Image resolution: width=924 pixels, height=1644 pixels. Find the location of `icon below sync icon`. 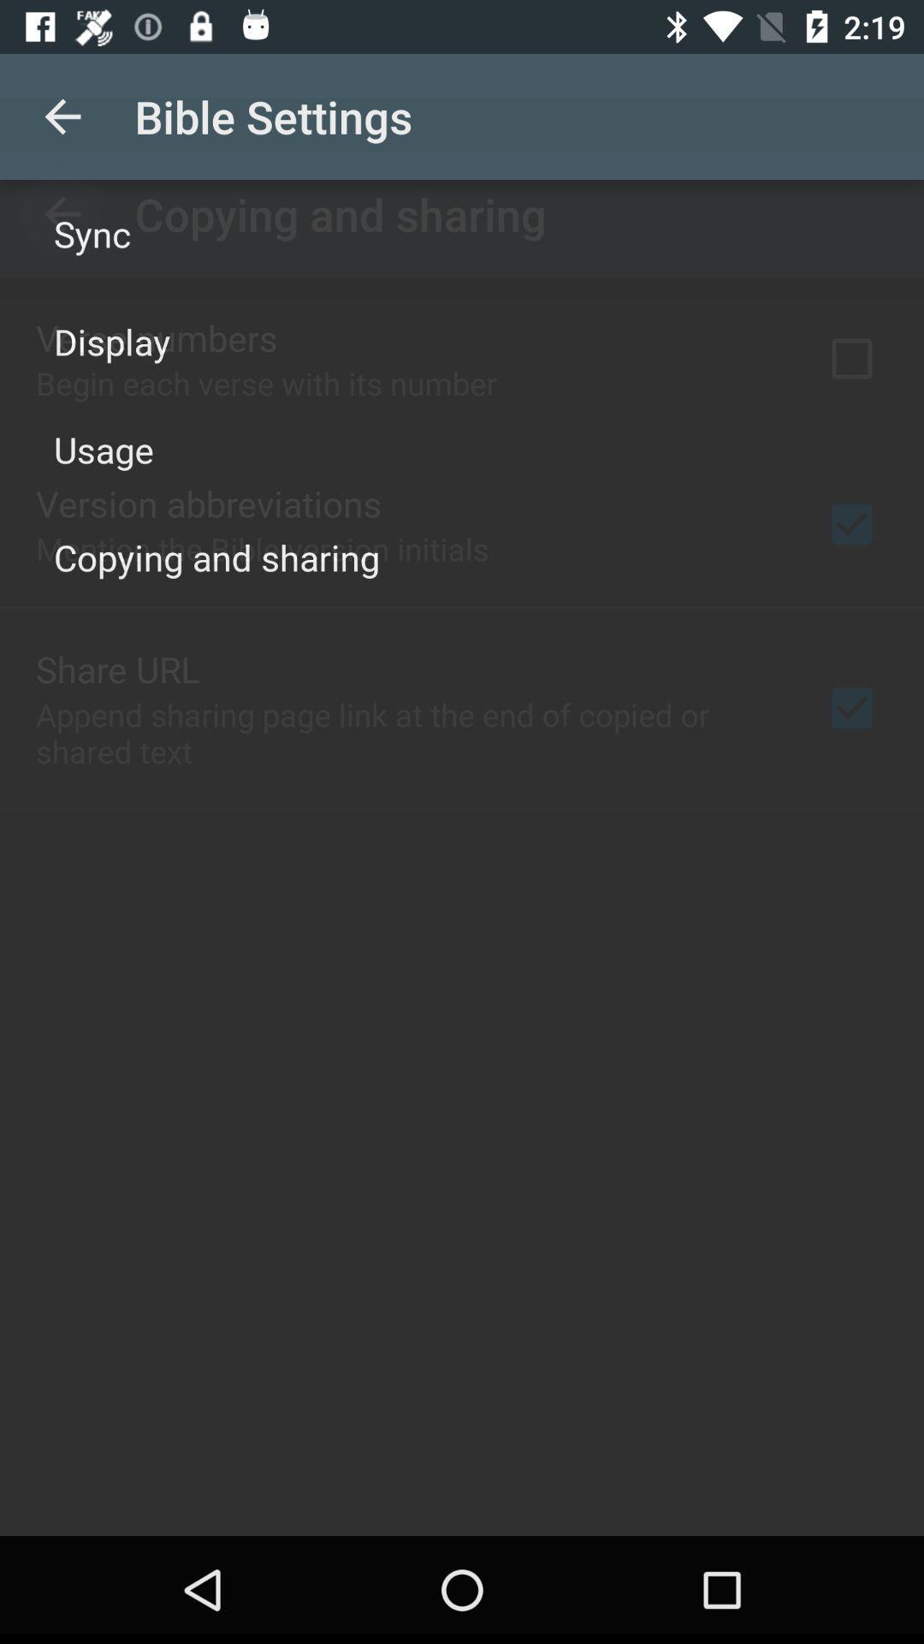

icon below sync icon is located at coordinates (112, 341).